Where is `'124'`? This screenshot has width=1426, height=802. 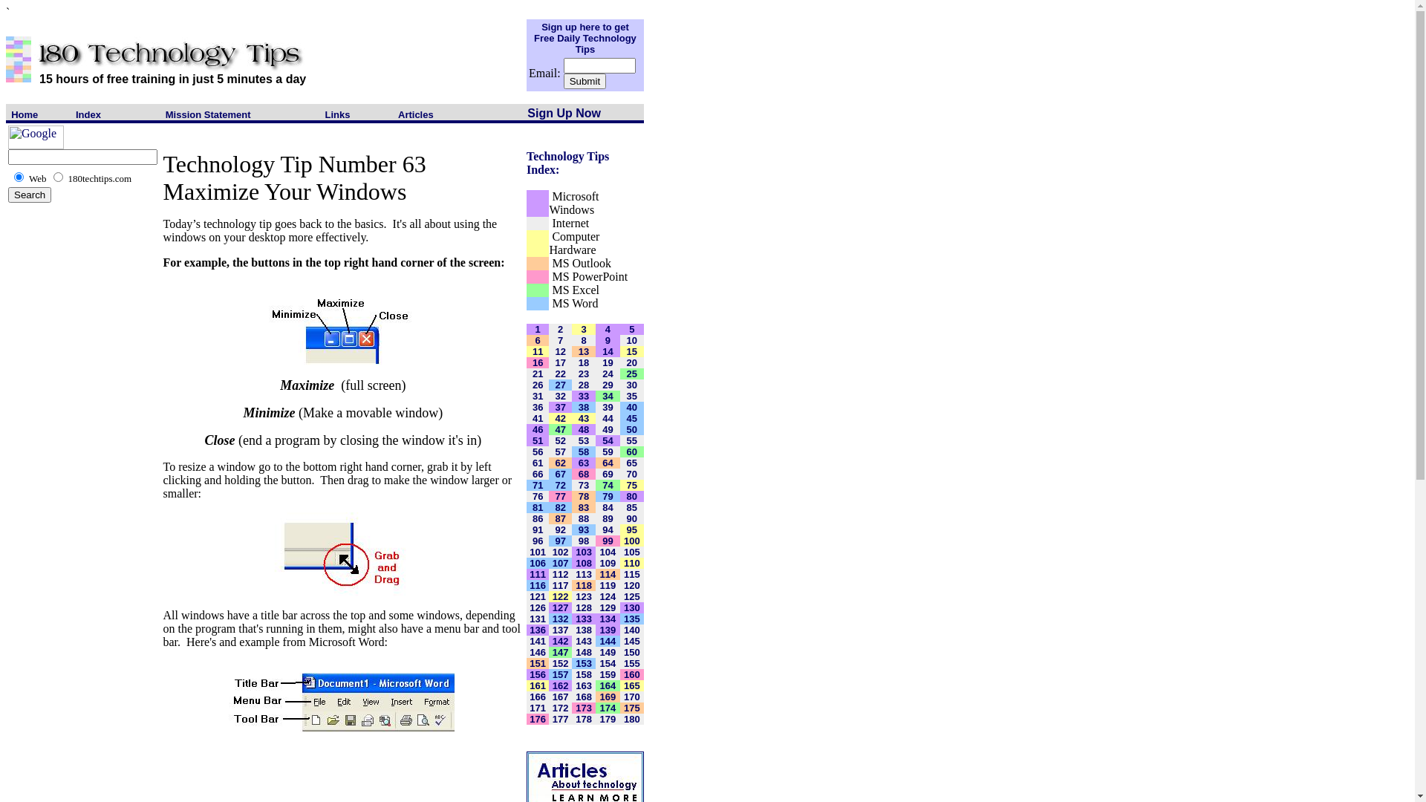
'124' is located at coordinates (599, 595).